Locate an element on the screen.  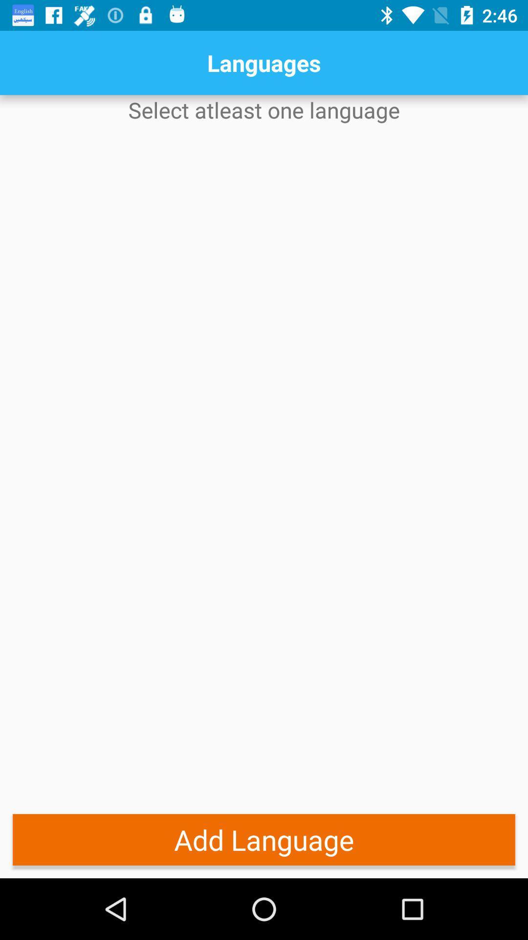
add language item is located at coordinates (264, 839).